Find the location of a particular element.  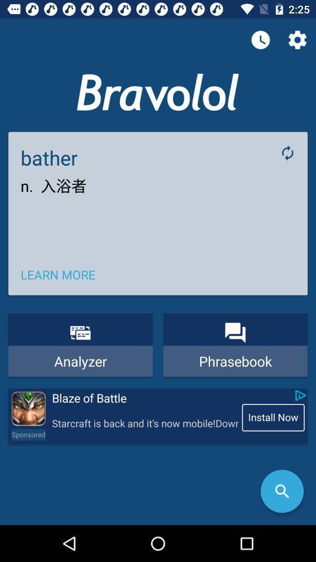

blaze of battle is located at coordinates (144, 398).